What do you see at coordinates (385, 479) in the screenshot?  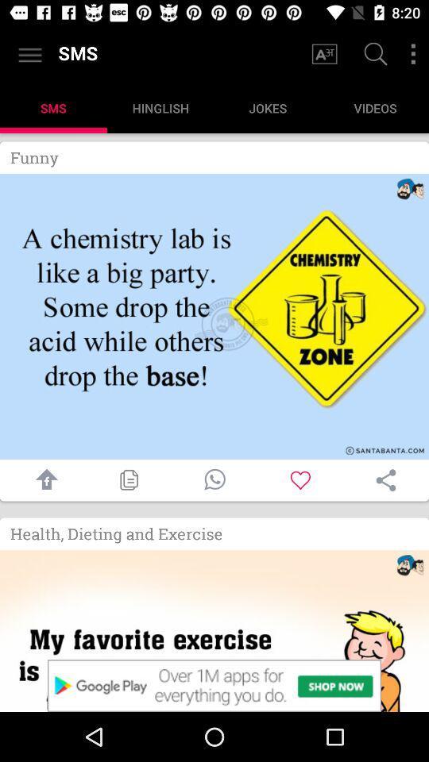 I see `share option` at bounding box center [385, 479].